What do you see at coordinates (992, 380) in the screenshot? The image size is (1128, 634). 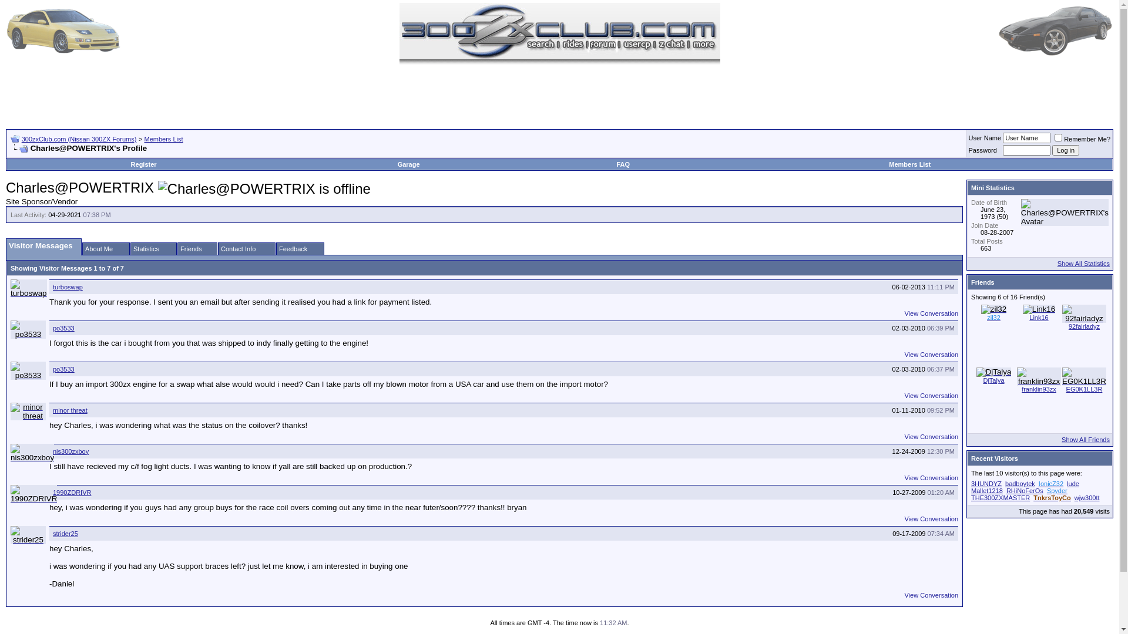 I see `'DjTalya'` at bounding box center [992, 380].